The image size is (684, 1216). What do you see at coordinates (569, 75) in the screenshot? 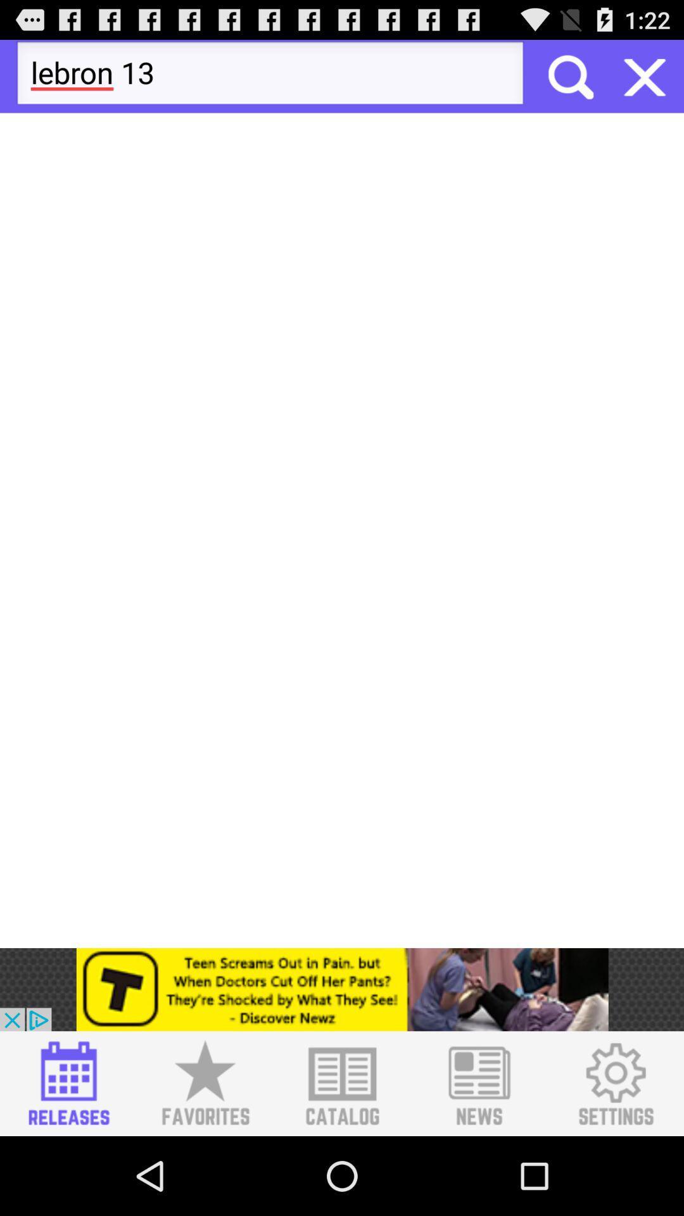
I see `search` at bounding box center [569, 75].